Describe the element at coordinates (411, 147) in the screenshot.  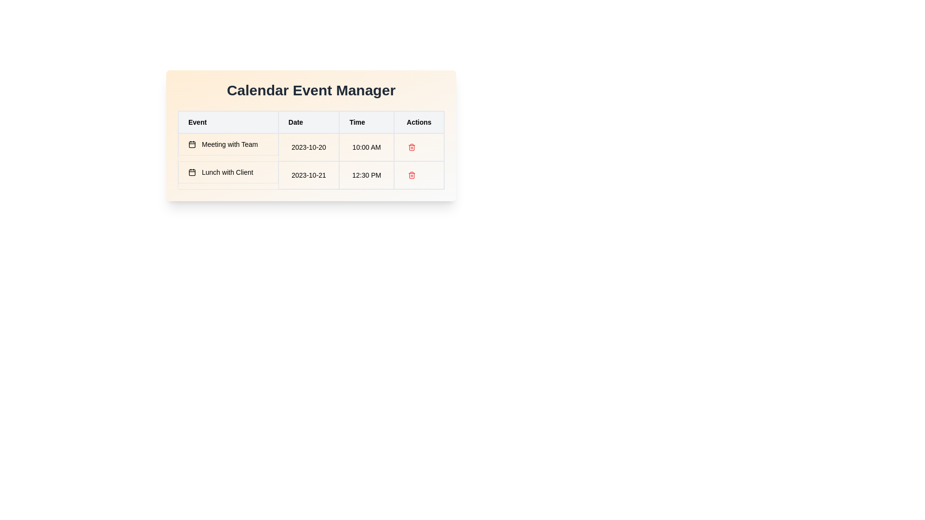
I see `the delete button located in the 'Actions' column of the first row in the table, which is associated with the event titled 'Meeting with Team'` at that location.